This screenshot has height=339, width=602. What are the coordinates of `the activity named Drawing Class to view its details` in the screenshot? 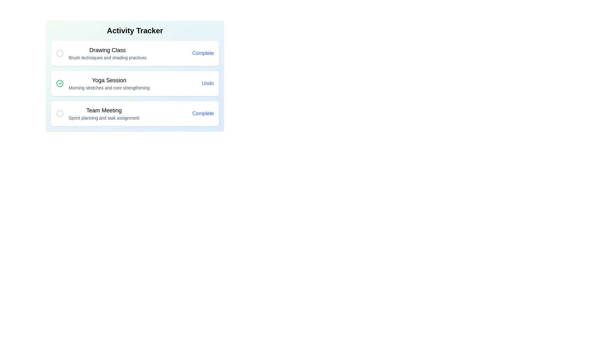 It's located at (107, 53).